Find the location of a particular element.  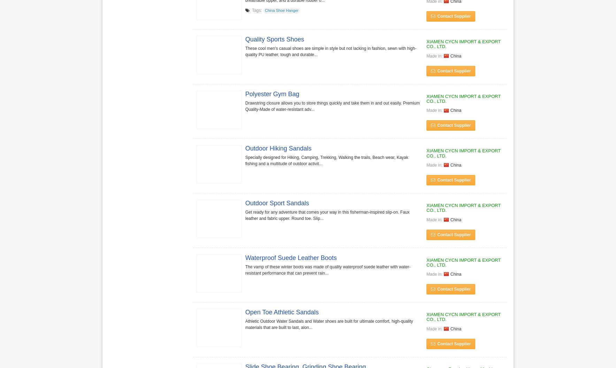

'Outdoor Hiking Sandals' is located at coordinates (278, 148).